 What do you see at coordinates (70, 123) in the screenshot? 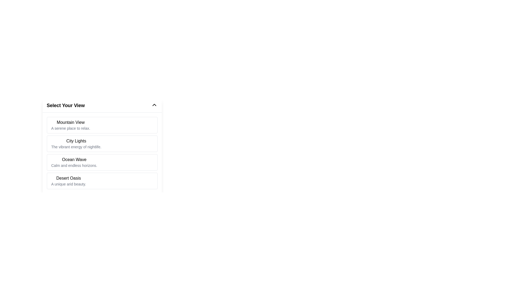
I see `the 'Mountain View' text label, which is the first selectable option under 'Select Your View'` at bounding box center [70, 123].